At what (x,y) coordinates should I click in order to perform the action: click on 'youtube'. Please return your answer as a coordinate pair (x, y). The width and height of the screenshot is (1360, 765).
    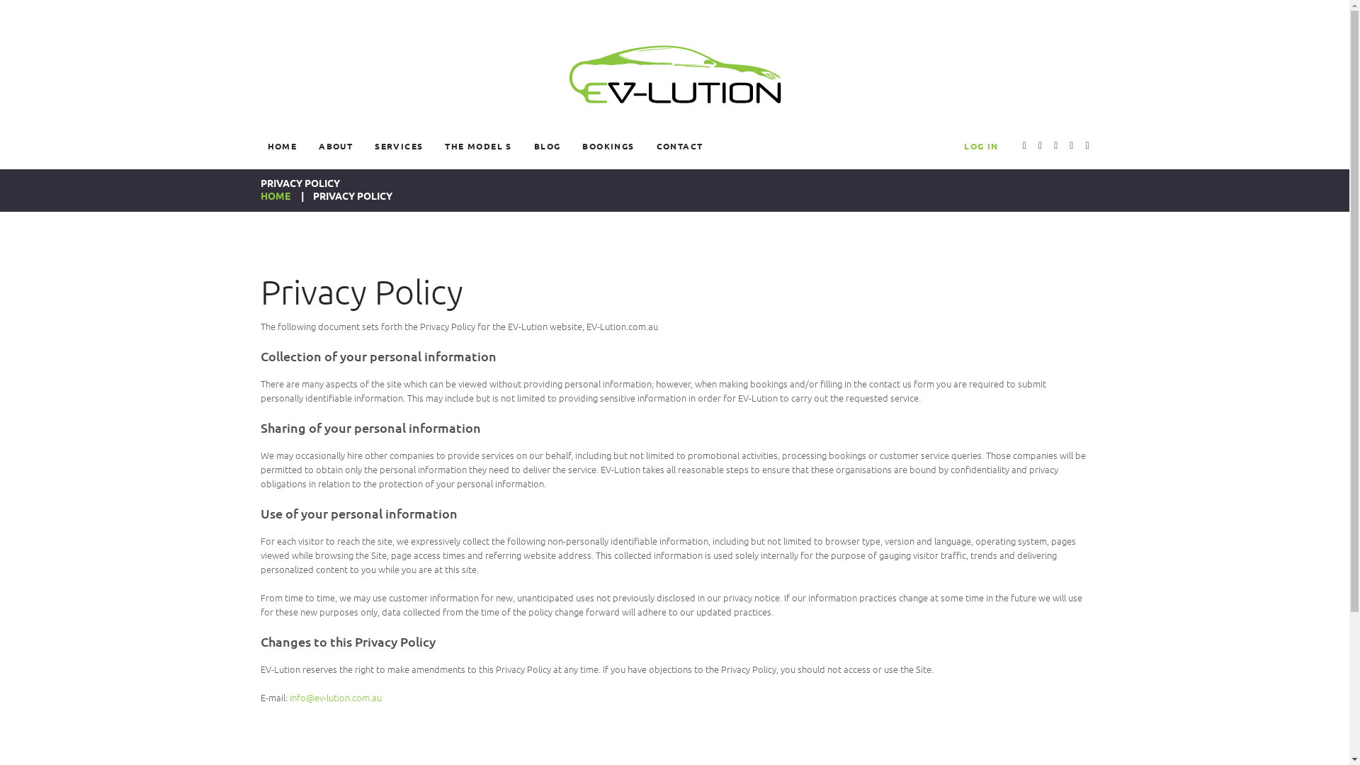
    Looking at the image, I should click on (1024, 147).